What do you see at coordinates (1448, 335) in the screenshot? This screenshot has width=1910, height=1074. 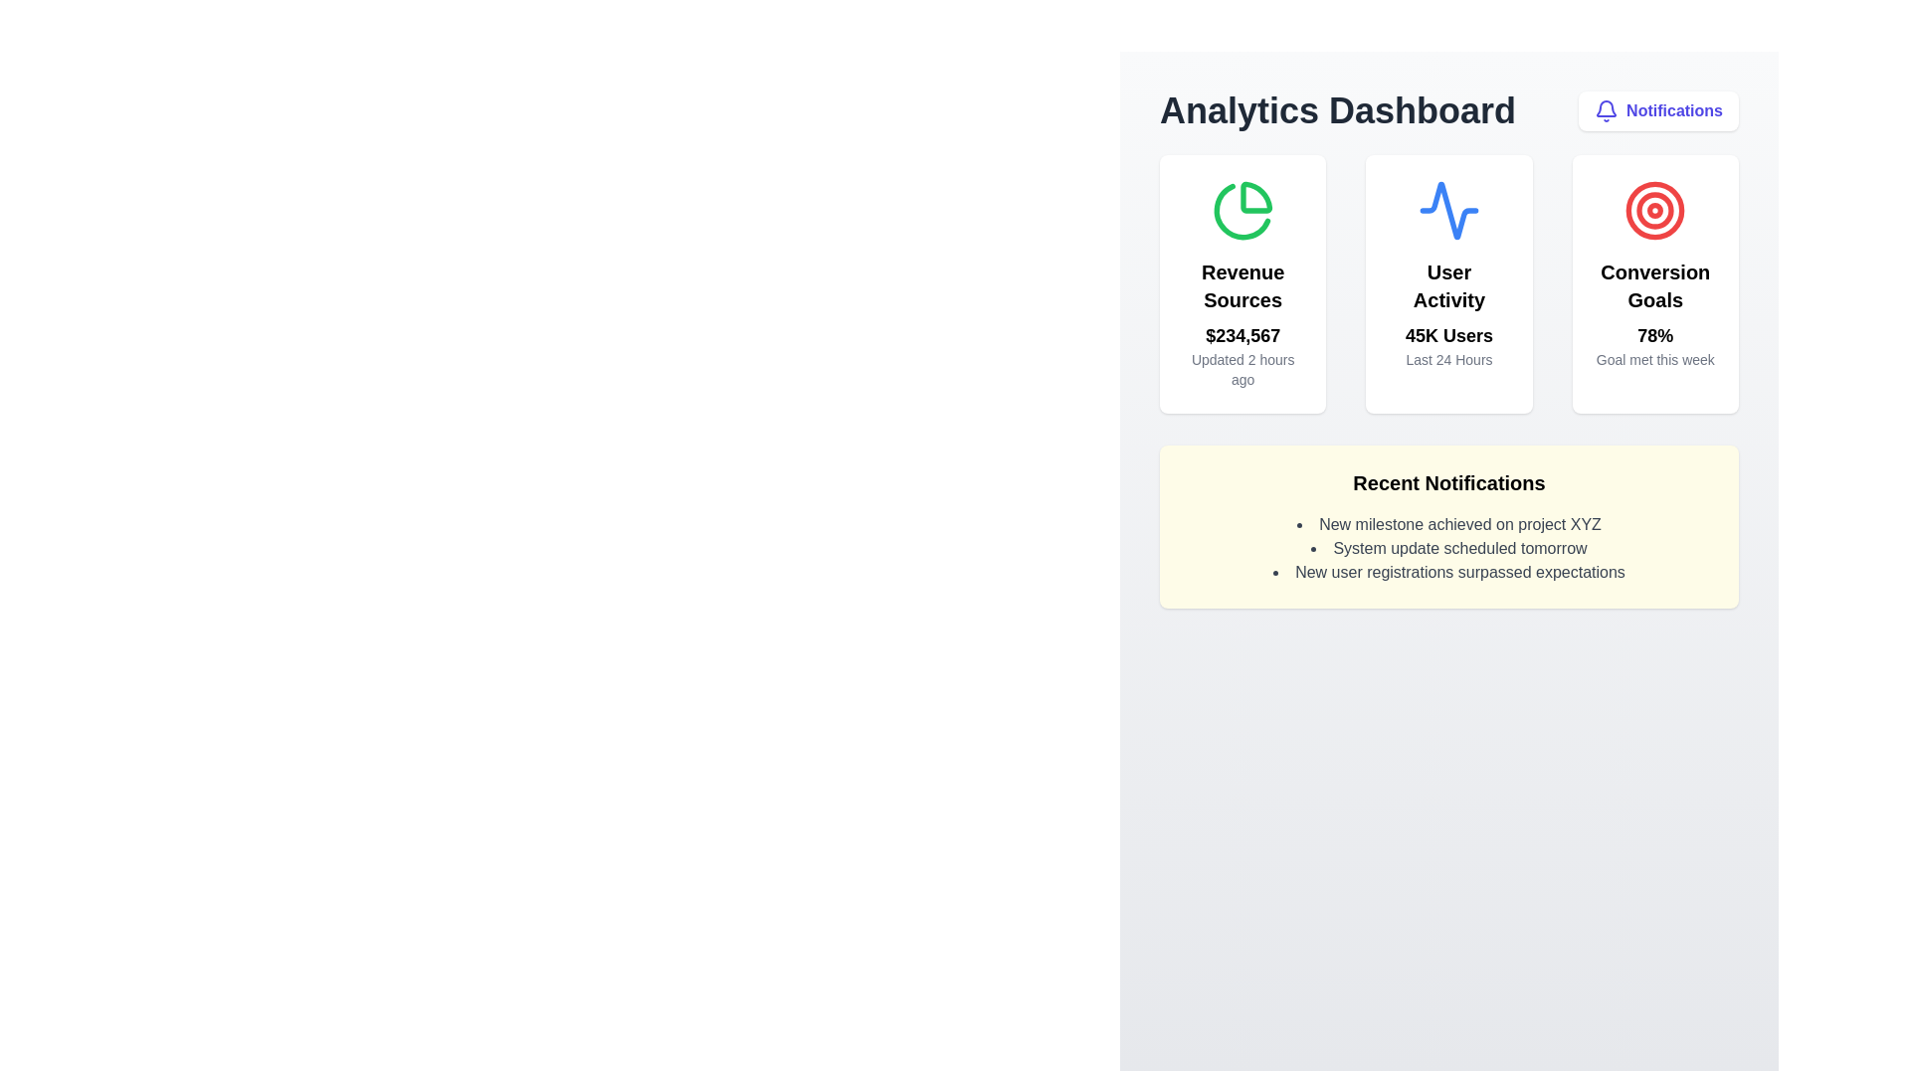 I see `the text label displaying the total user count ('45K Users') located in the 'User Activity' card, positioned below the title and above the smaller text` at bounding box center [1448, 335].